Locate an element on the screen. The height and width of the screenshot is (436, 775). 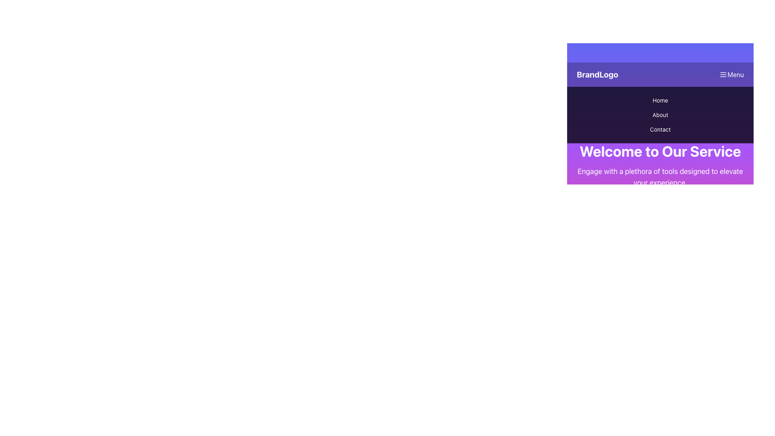
the informational text block located below the 'Welcome to Our Service' heading and above the 'Get Started' button, which provides an overview of the tools and features available is located at coordinates (660, 177).